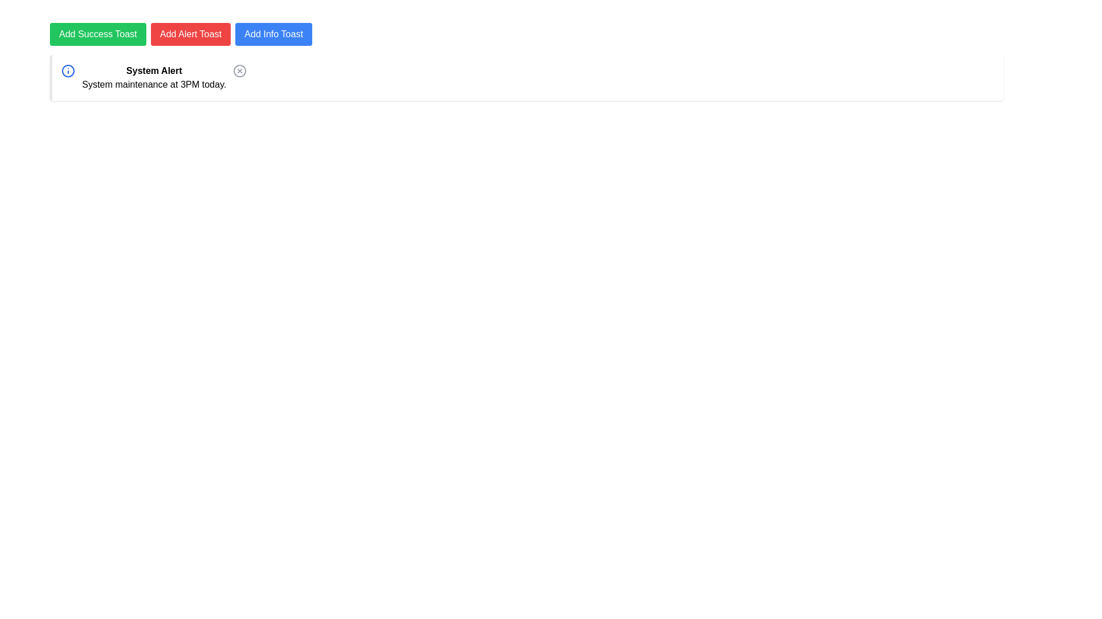  Describe the element at coordinates (153, 70) in the screenshot. I see `the static text header titled 'System Alert' which is bold and positioned at the top of the notification box` at that location.